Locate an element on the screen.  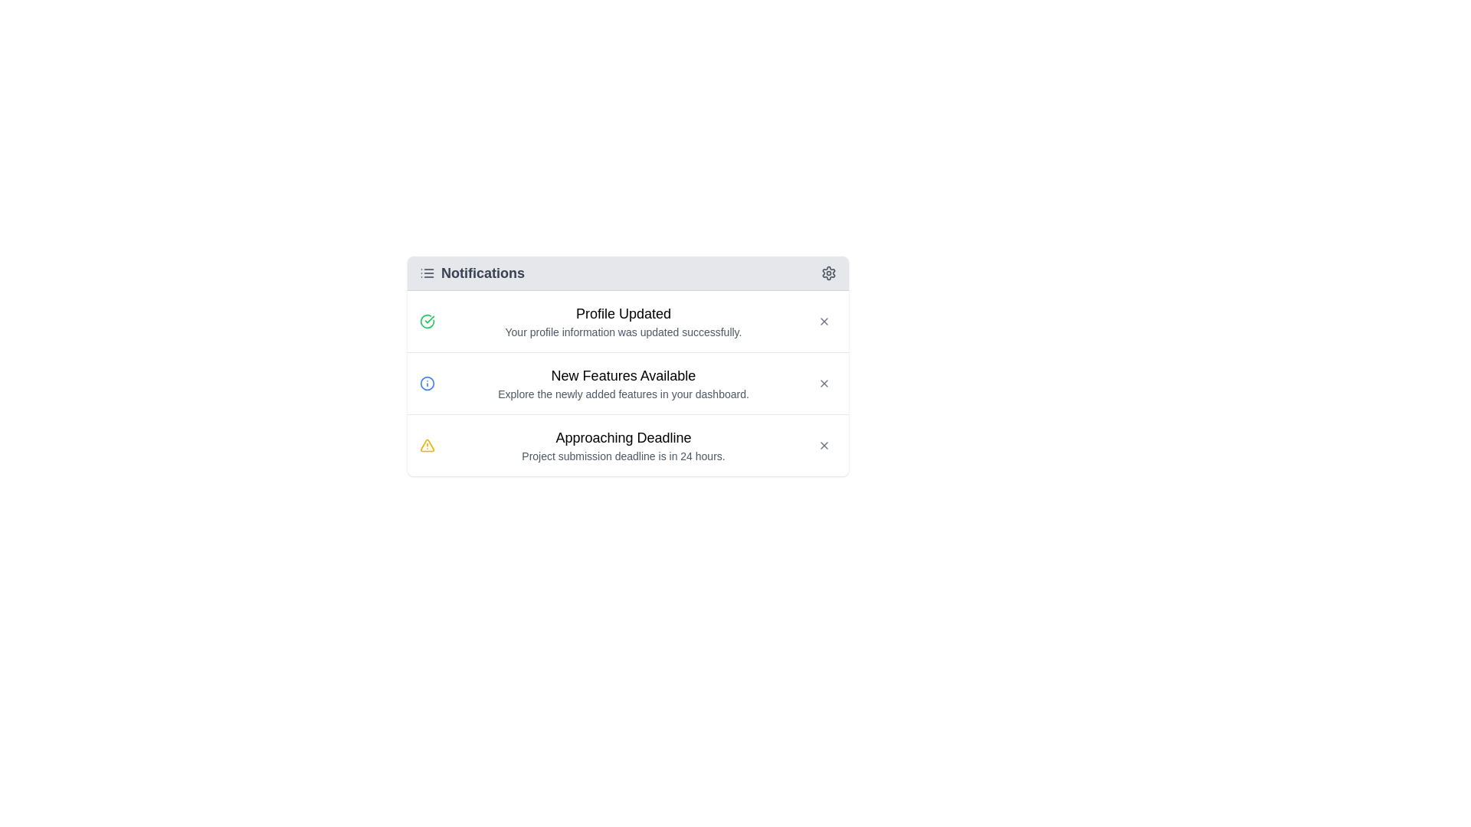
information displayed in the Notification Card about the urgent project submission deadline located in the notifications panel, which is the last notification below 'New Features Available.' is located at coordinates (628, 445).